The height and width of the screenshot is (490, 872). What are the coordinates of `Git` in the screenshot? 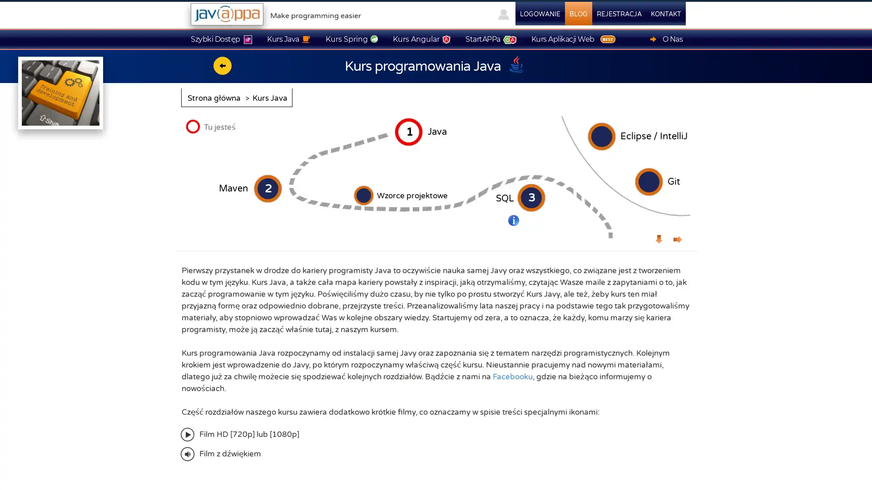 It's located at (670, 182).